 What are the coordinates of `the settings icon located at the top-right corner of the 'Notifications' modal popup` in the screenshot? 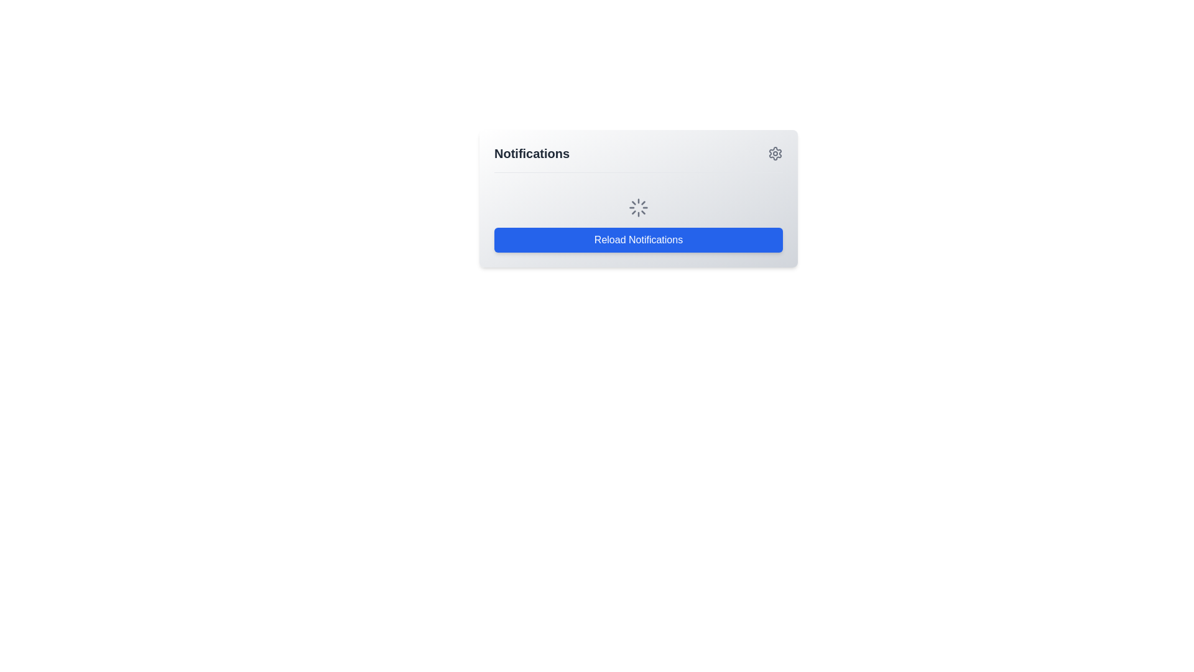 It's located at (775, 152).